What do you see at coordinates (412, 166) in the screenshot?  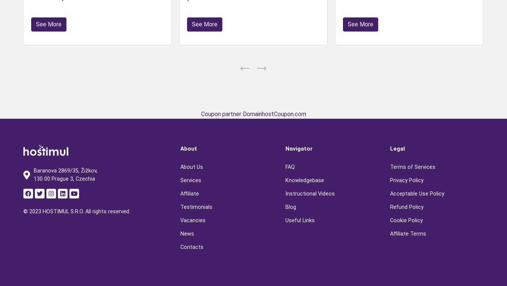 I see `'Terms of Services'` at bounding box center [412, 166].